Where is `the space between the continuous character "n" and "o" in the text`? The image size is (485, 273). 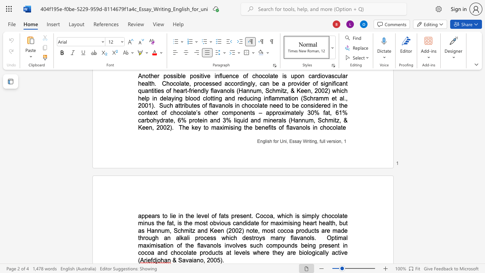 the space between the continuous character "n" and "o" in the text is located at coordinates (200, 260).